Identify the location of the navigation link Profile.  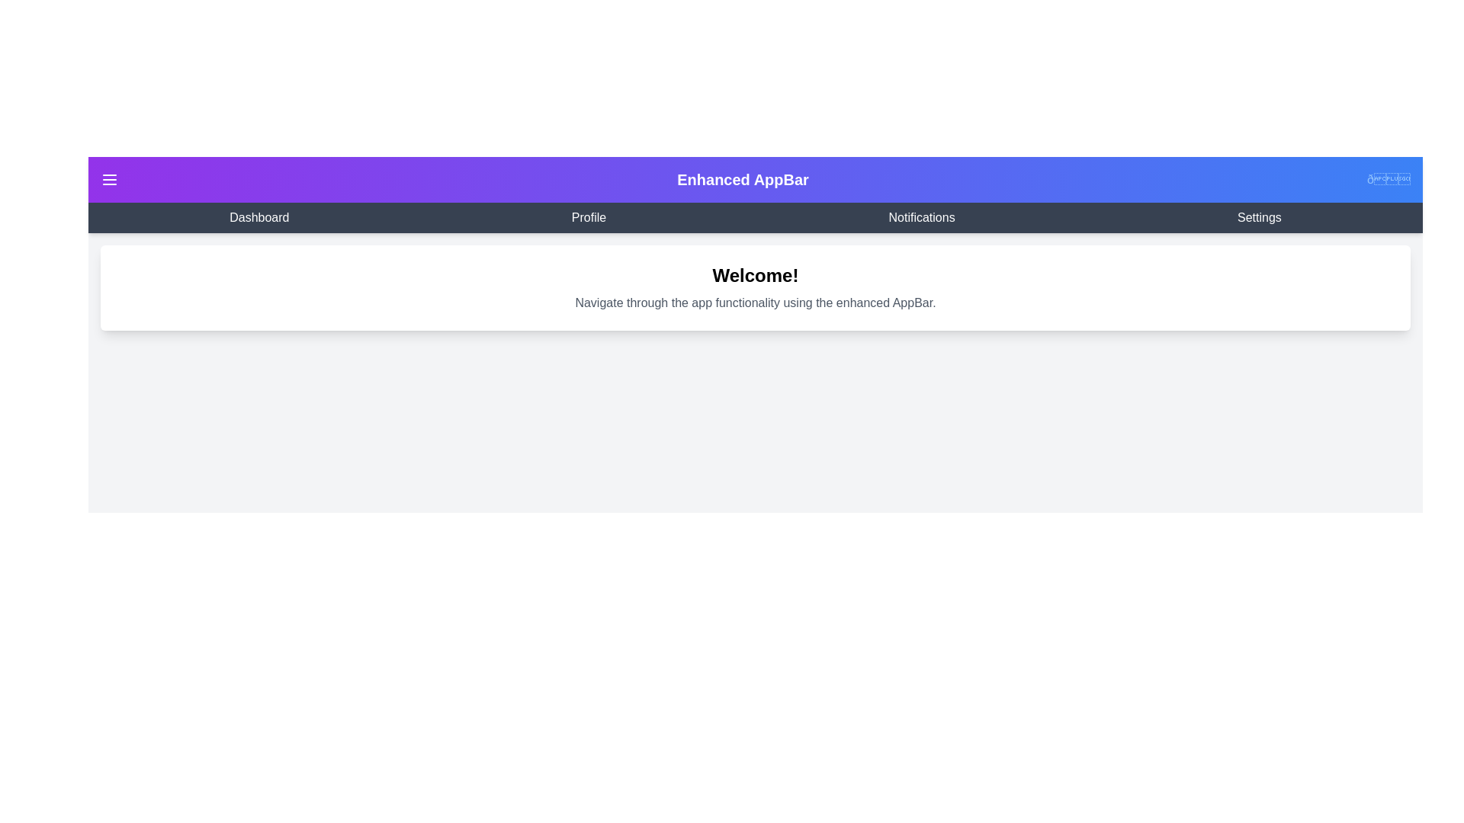
(588, 217).